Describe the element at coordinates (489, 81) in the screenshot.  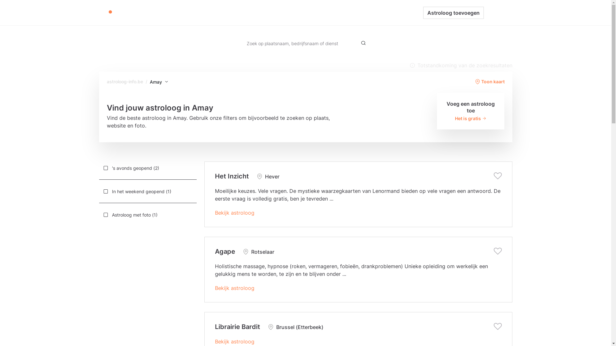
I see `'Toon kaart'` at that location.